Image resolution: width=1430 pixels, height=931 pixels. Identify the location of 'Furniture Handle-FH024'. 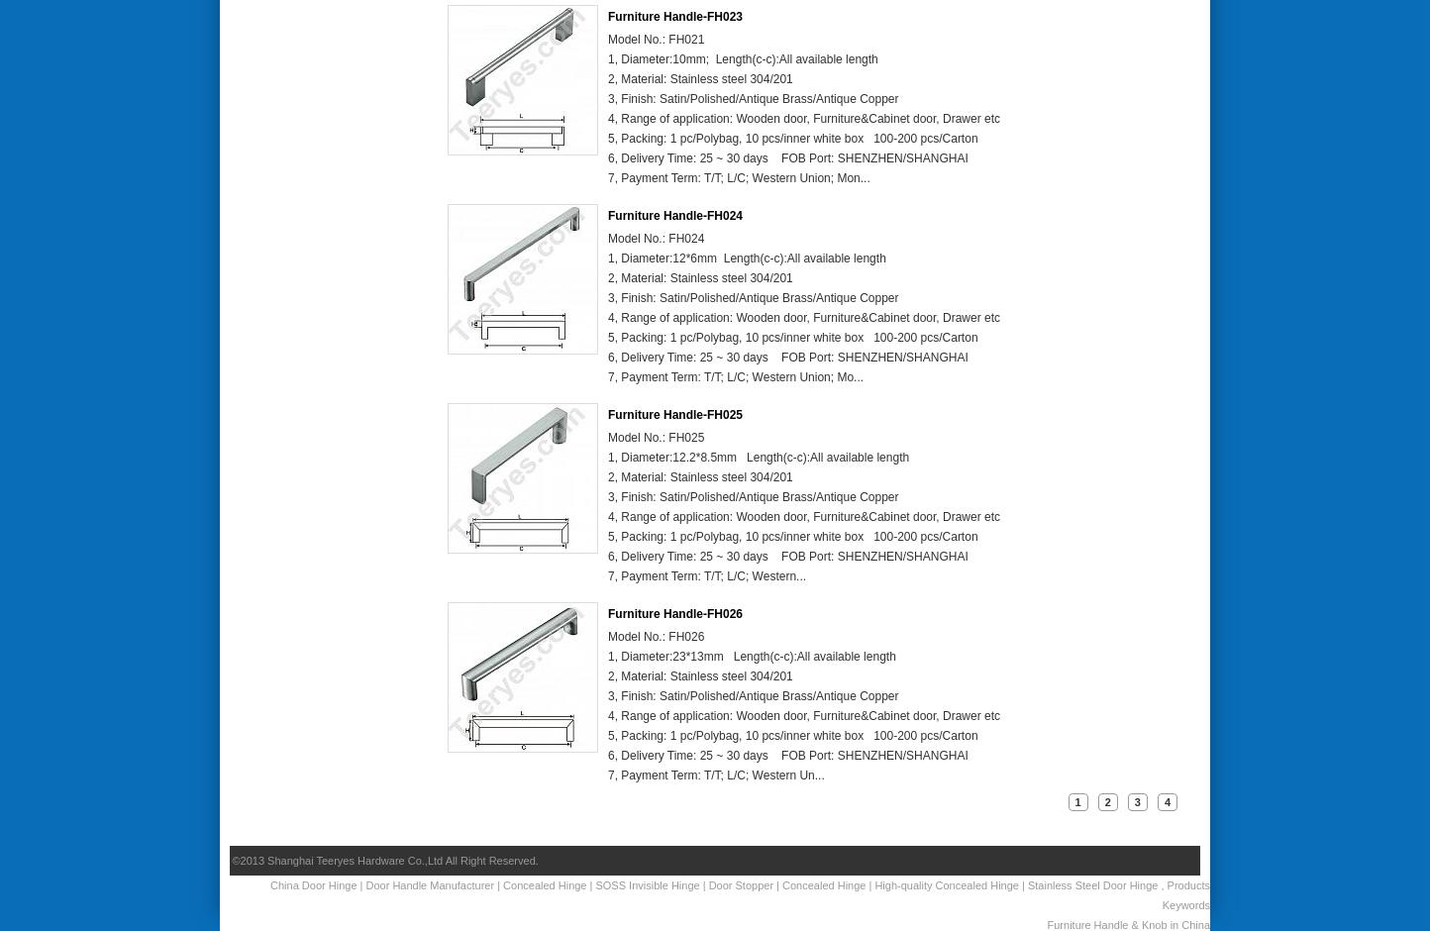
(674, 214).